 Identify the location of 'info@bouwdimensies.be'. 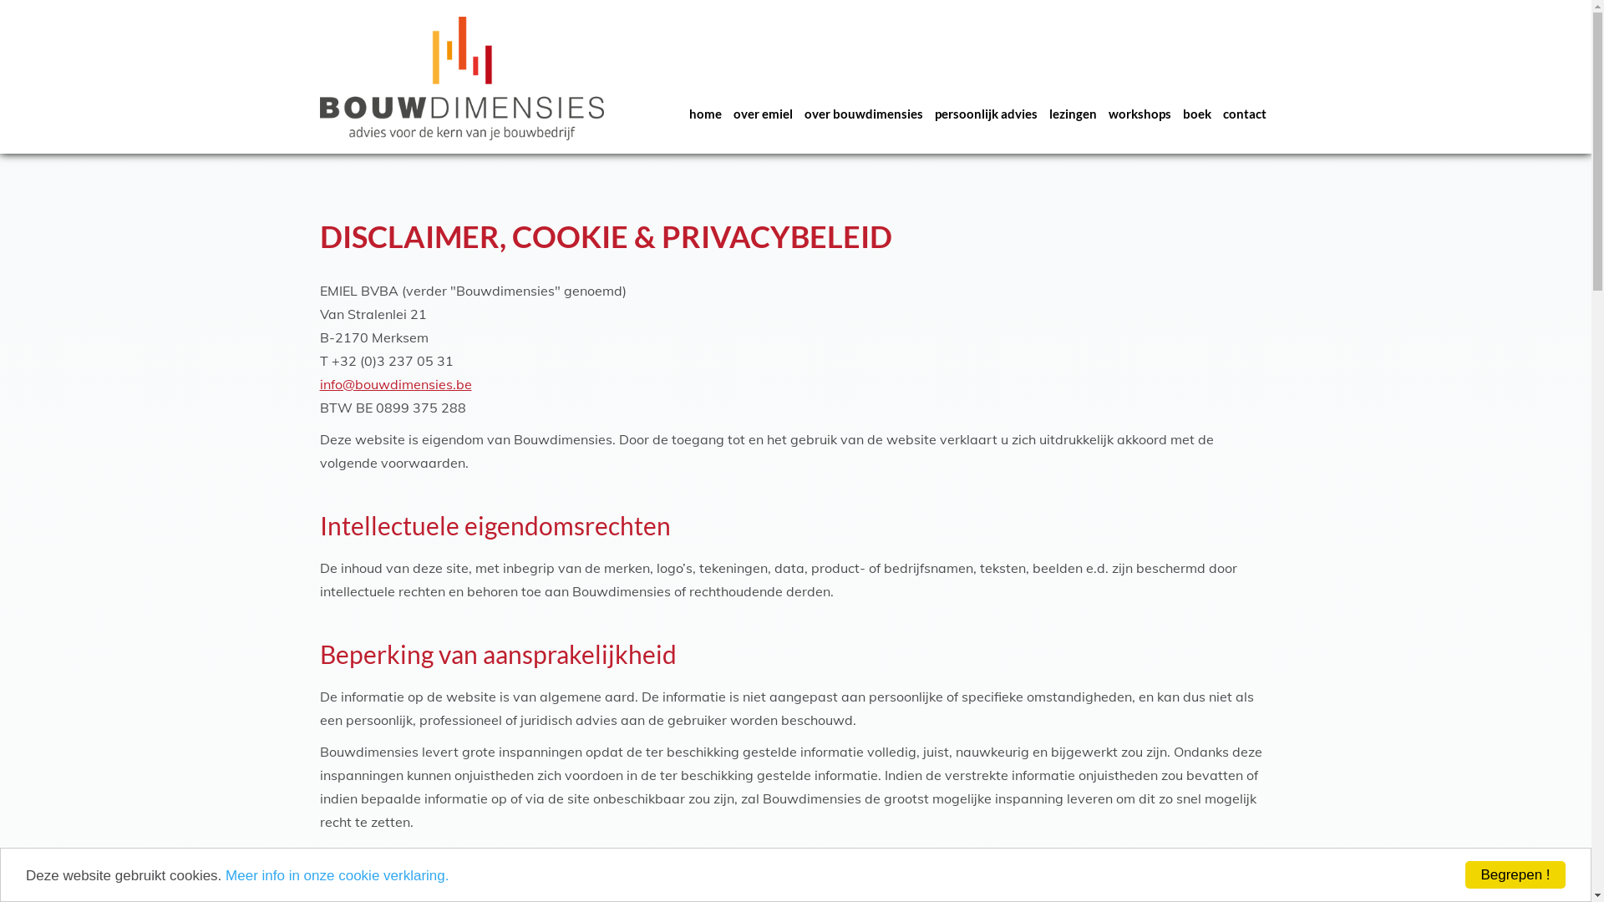
(394, 383).